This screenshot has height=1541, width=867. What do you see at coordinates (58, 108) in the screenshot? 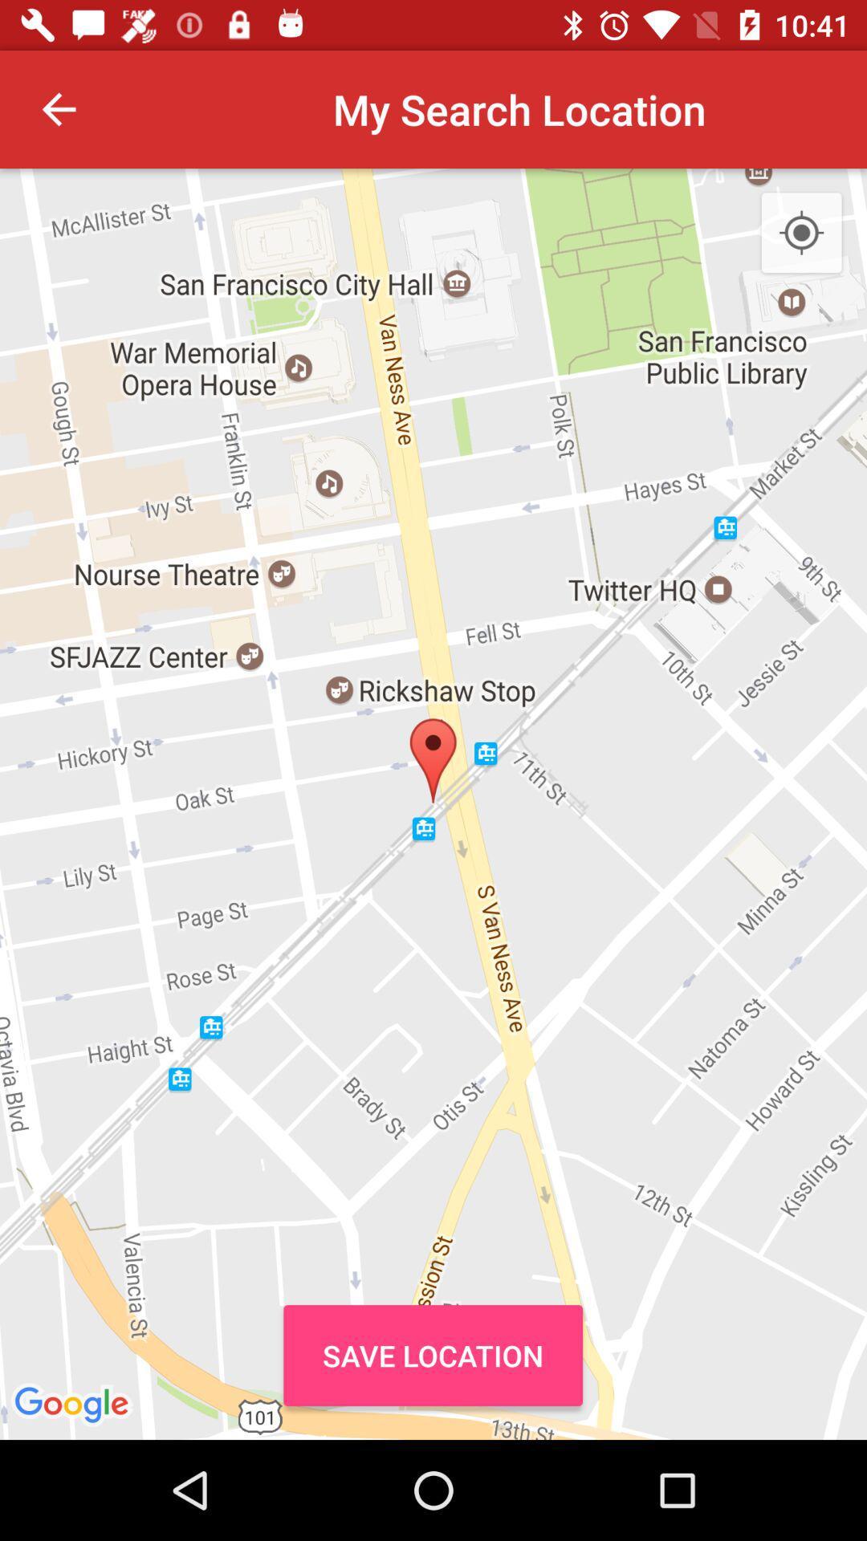
I see `item to the left of my search location` at bounding box center [58, 108].